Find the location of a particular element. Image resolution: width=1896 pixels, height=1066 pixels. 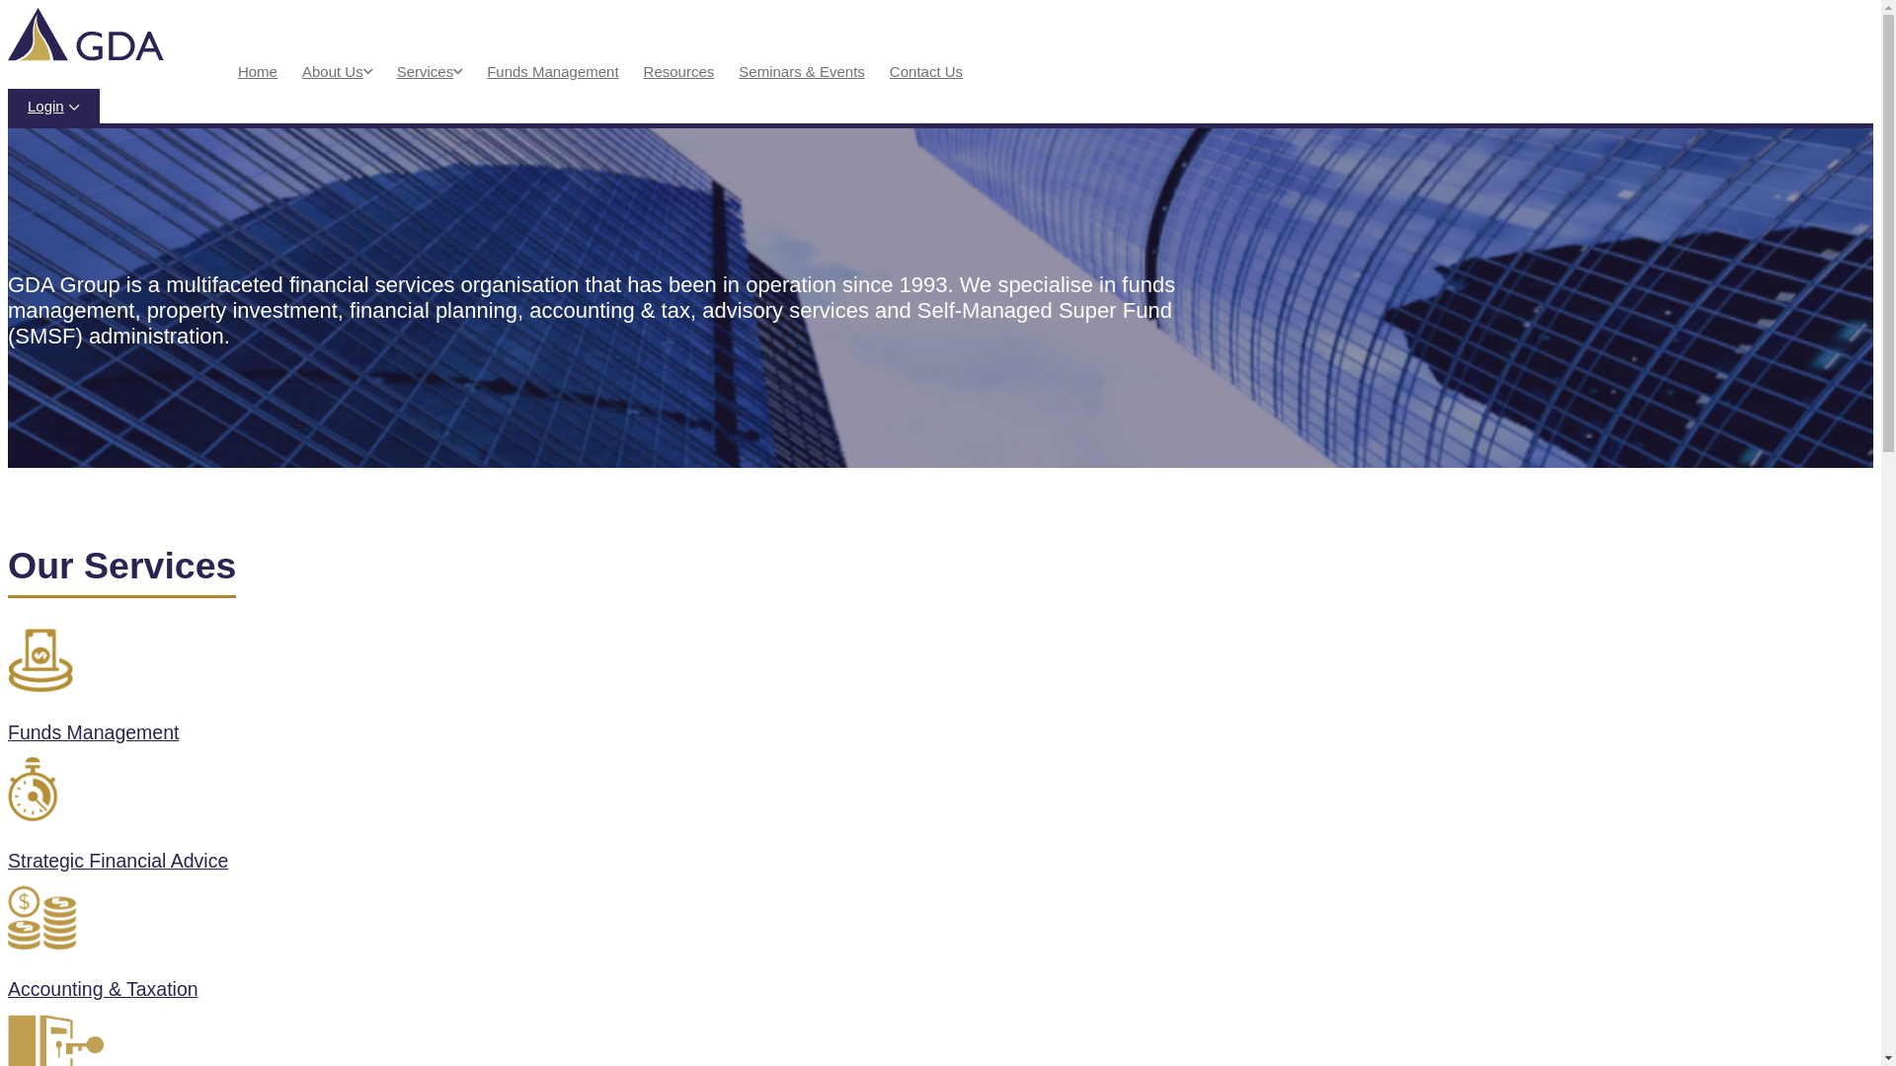

'Seminars & Events' is located at coordinates (801, 70).